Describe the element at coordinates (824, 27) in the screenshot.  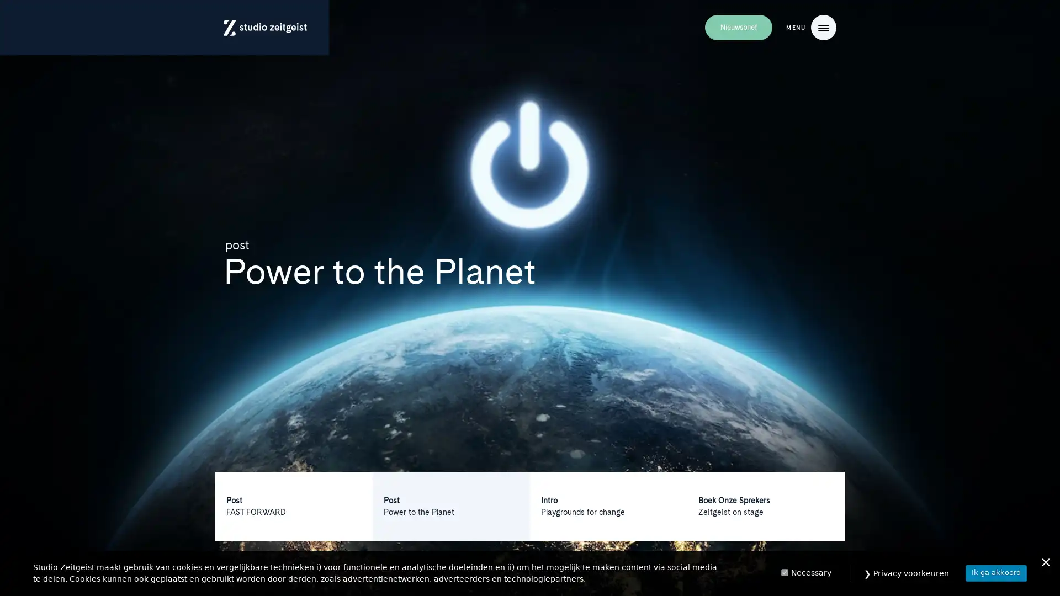
I see `Toggle navigation` at that location.